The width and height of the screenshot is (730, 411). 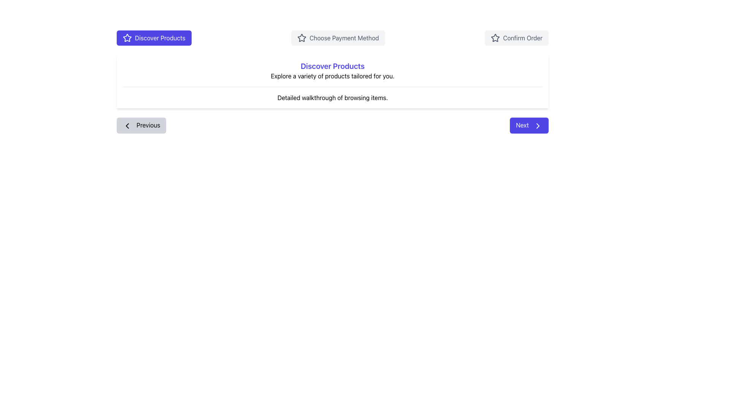 What do you see at coordinates (127, 38) in the screenshot?
I see `the star icon inside the blue button labeled 'Discover Products', which is located at the top-left area of the interface` at bounding box center [127, 38].